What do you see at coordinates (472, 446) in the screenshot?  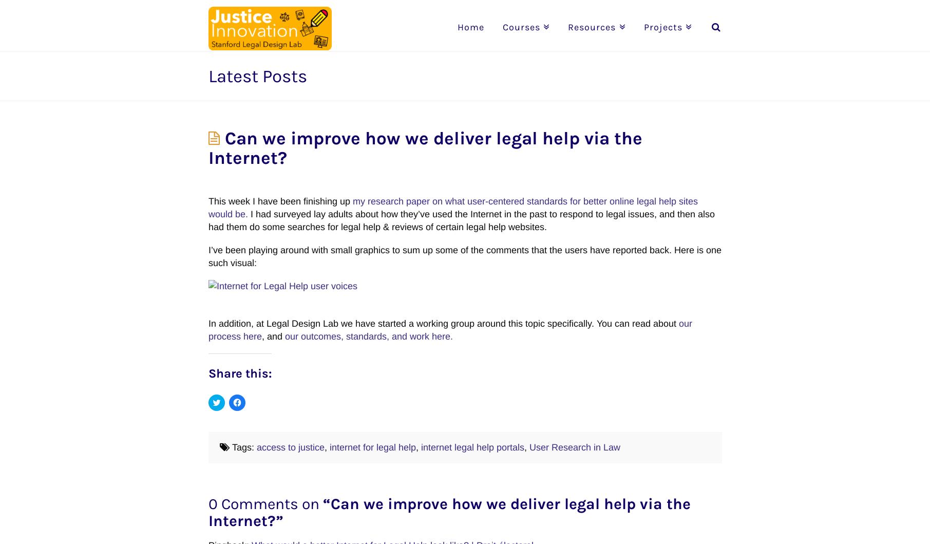 I see `'internet legal help portals'` at bounding box center [472, 446].